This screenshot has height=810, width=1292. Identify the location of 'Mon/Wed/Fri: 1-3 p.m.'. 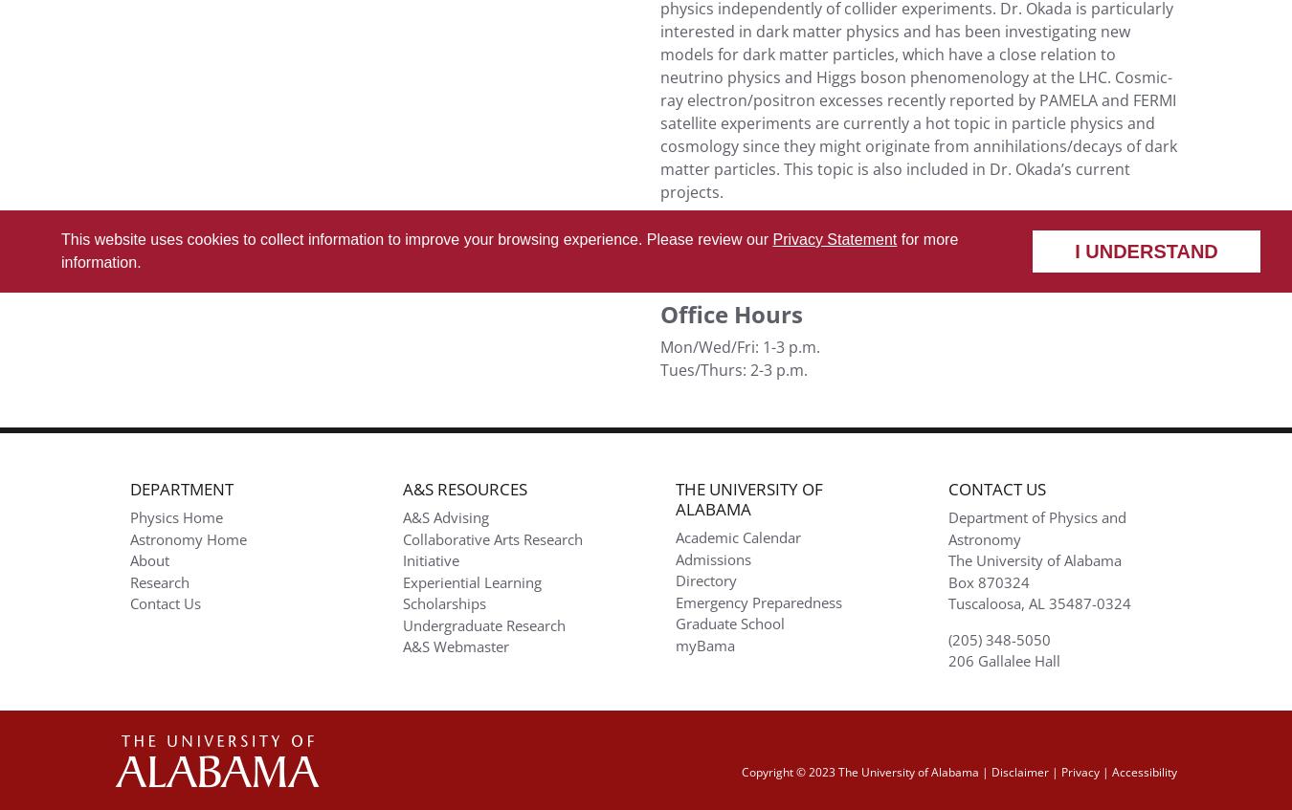
(738, 347).